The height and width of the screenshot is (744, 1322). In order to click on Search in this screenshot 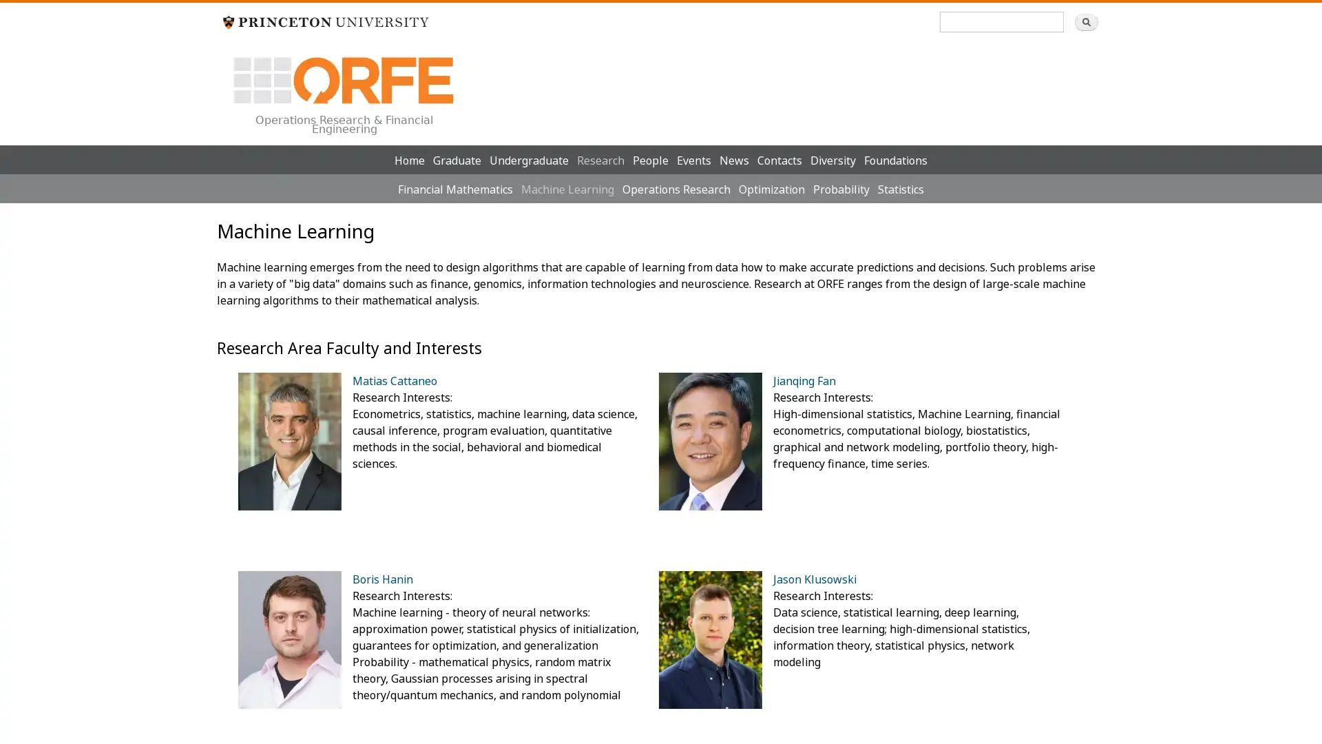, I will do `click(1086, 22)`.